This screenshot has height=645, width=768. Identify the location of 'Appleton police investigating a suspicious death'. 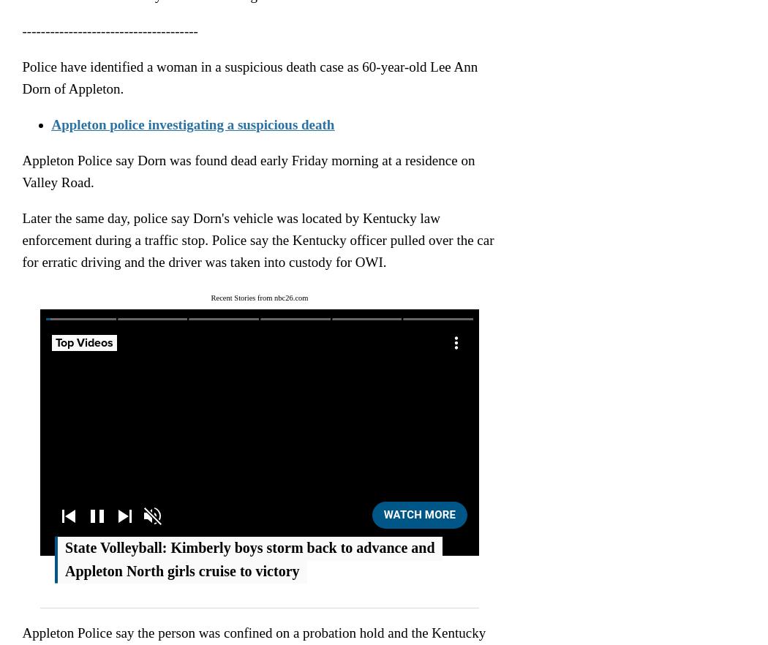
(192, 123).